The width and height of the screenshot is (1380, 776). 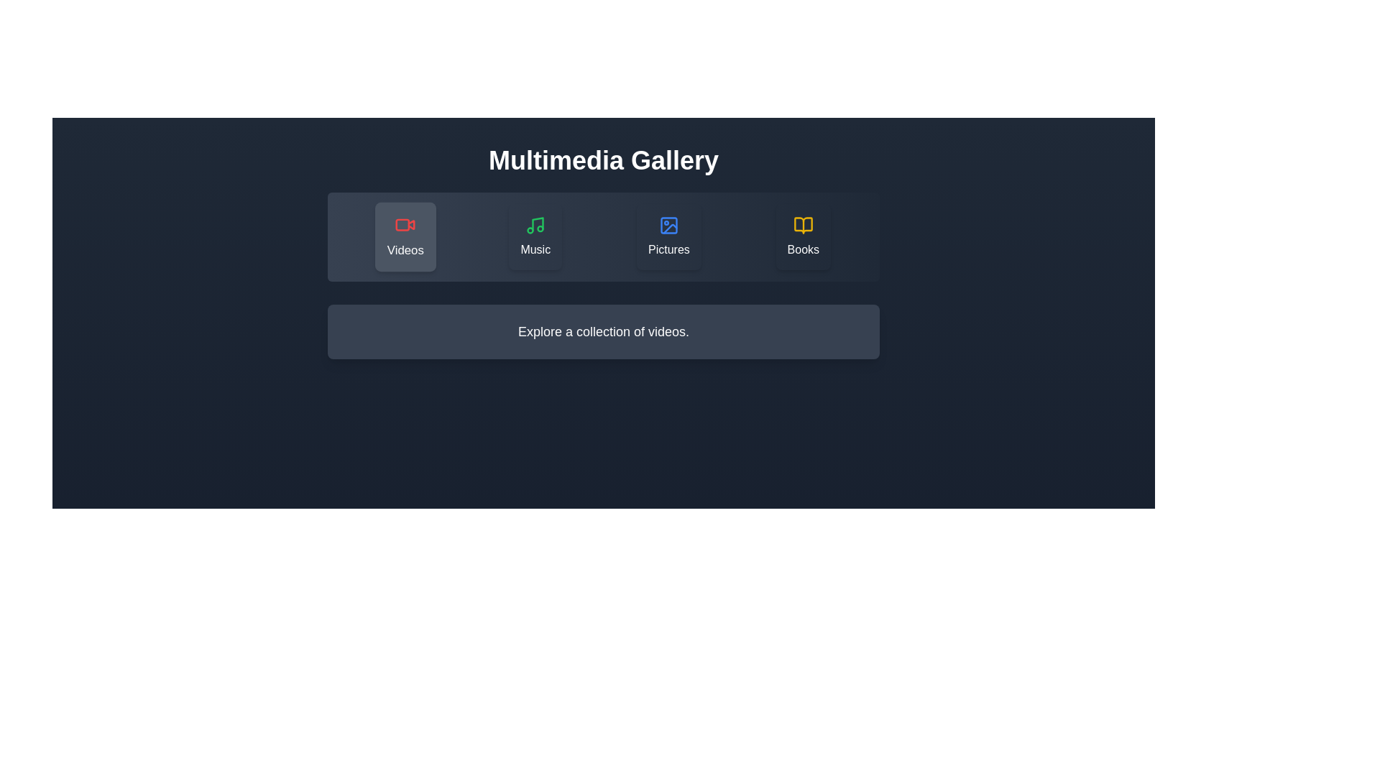 What do you see at coordinates (803, 236) in the screenshot?
I see `the Books category by clicking the corresponding button` at bounding box center [803, 236].